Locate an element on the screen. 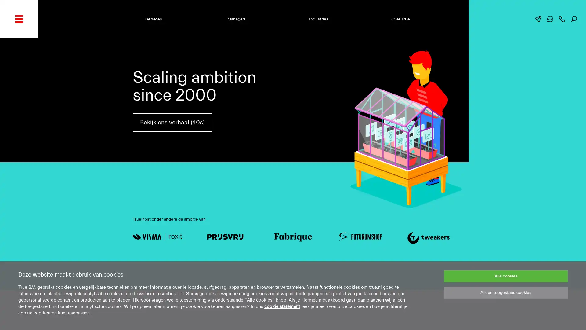  Mail ons is located at coordinates (541, 19).